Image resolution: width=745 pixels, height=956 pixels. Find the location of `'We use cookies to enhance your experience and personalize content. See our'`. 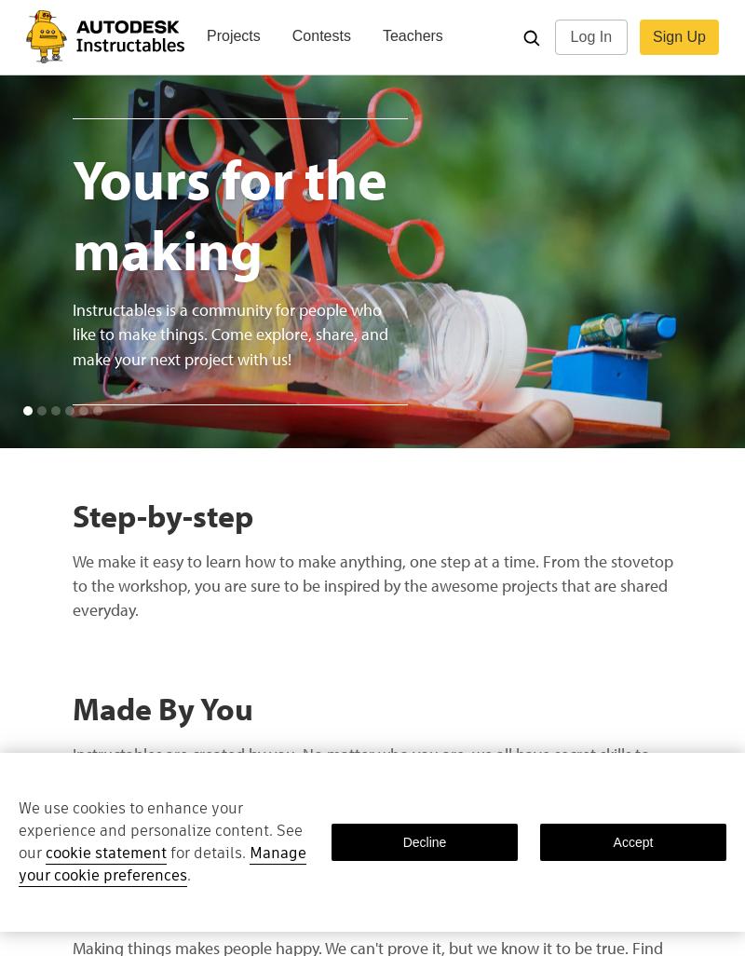

'We use cookies to enhance your experience and personalize content. See our' is located at coordinates (159, 829).